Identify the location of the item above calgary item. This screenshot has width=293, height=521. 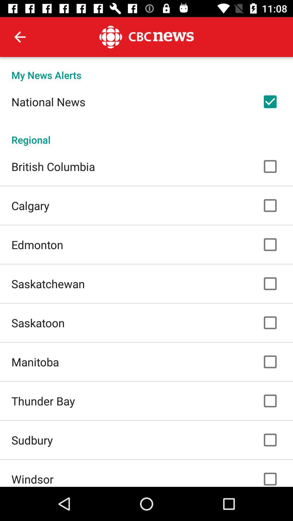
(53, 166).